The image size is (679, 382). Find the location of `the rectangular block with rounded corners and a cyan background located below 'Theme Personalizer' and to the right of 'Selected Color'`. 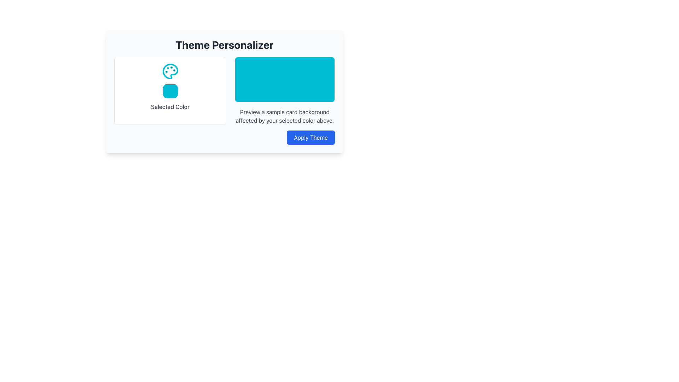

the rectangular block with rounded corners and a cyan background located below 'Theme Personalizer' and to the right of 'Selected Color' is located at coordinates (285, 79).